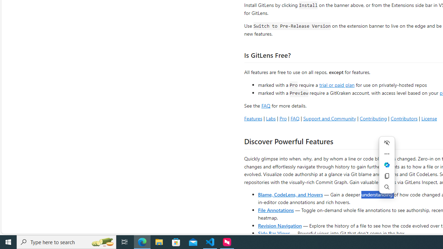 This screenshot has height=249, width=443. What do you see at coordinates (387, 153) in the screenshot?
I see `'More actions'` at bounding box center [387, 153].